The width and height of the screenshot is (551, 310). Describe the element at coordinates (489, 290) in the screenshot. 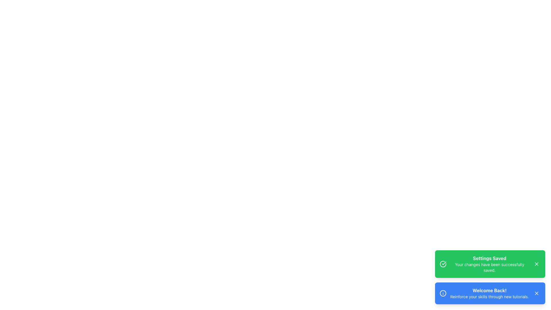

I see `the title text in the blue notification banner that welcomes the user, located above the text 'Reinforce your skills through new tutorials.'` at that location.